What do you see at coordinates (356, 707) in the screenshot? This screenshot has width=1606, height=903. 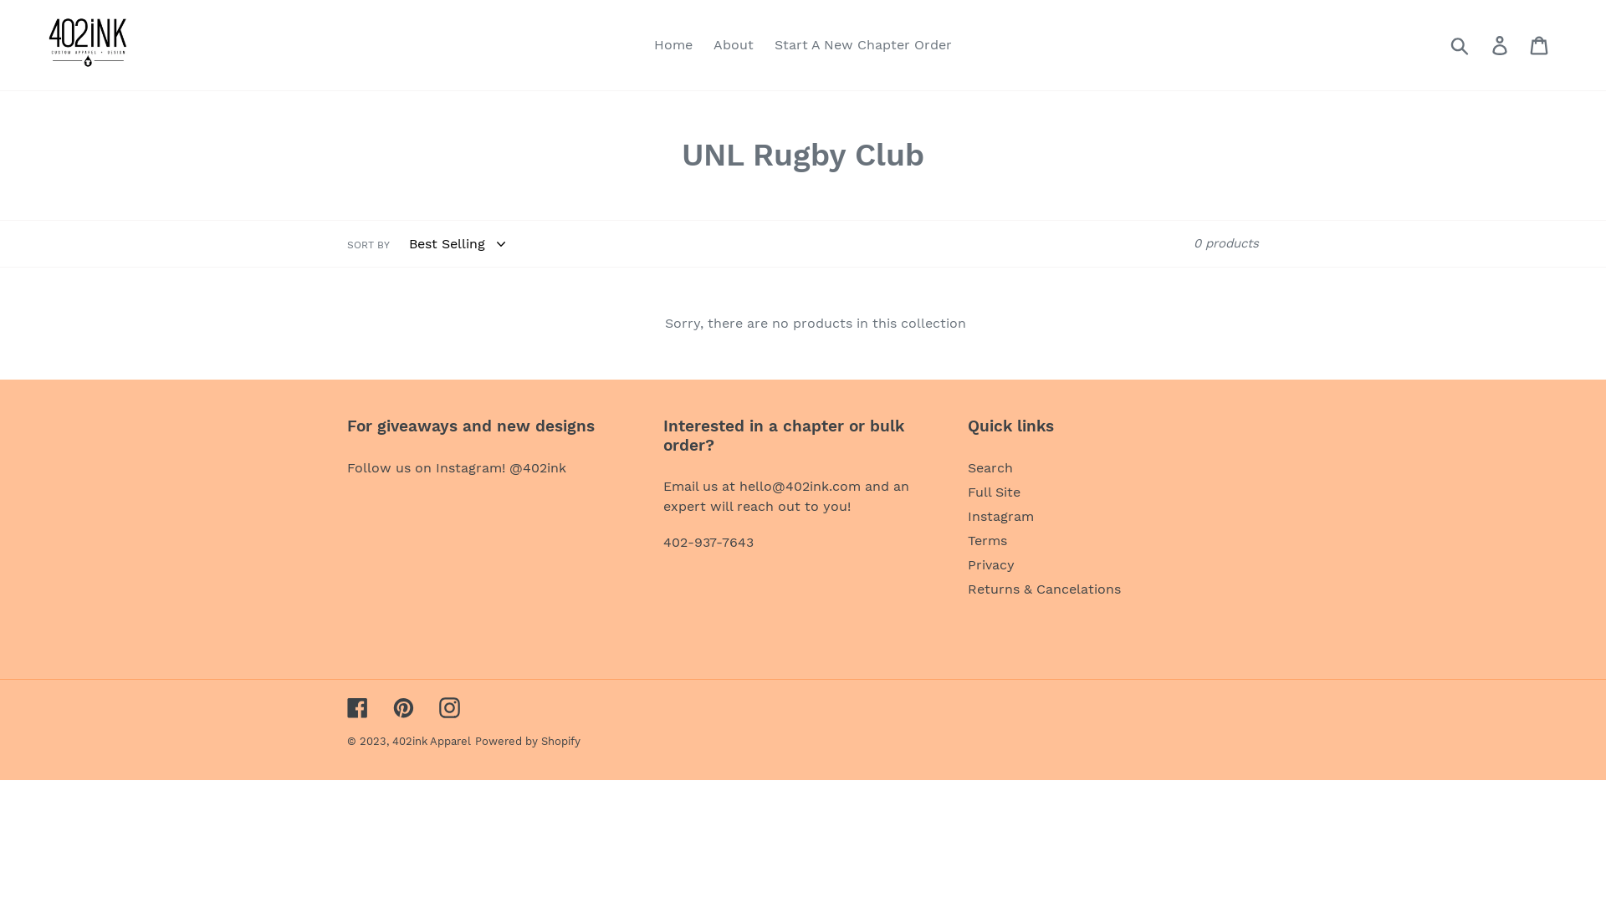 I see `'Facebook'` at bounding box center [356, 707].